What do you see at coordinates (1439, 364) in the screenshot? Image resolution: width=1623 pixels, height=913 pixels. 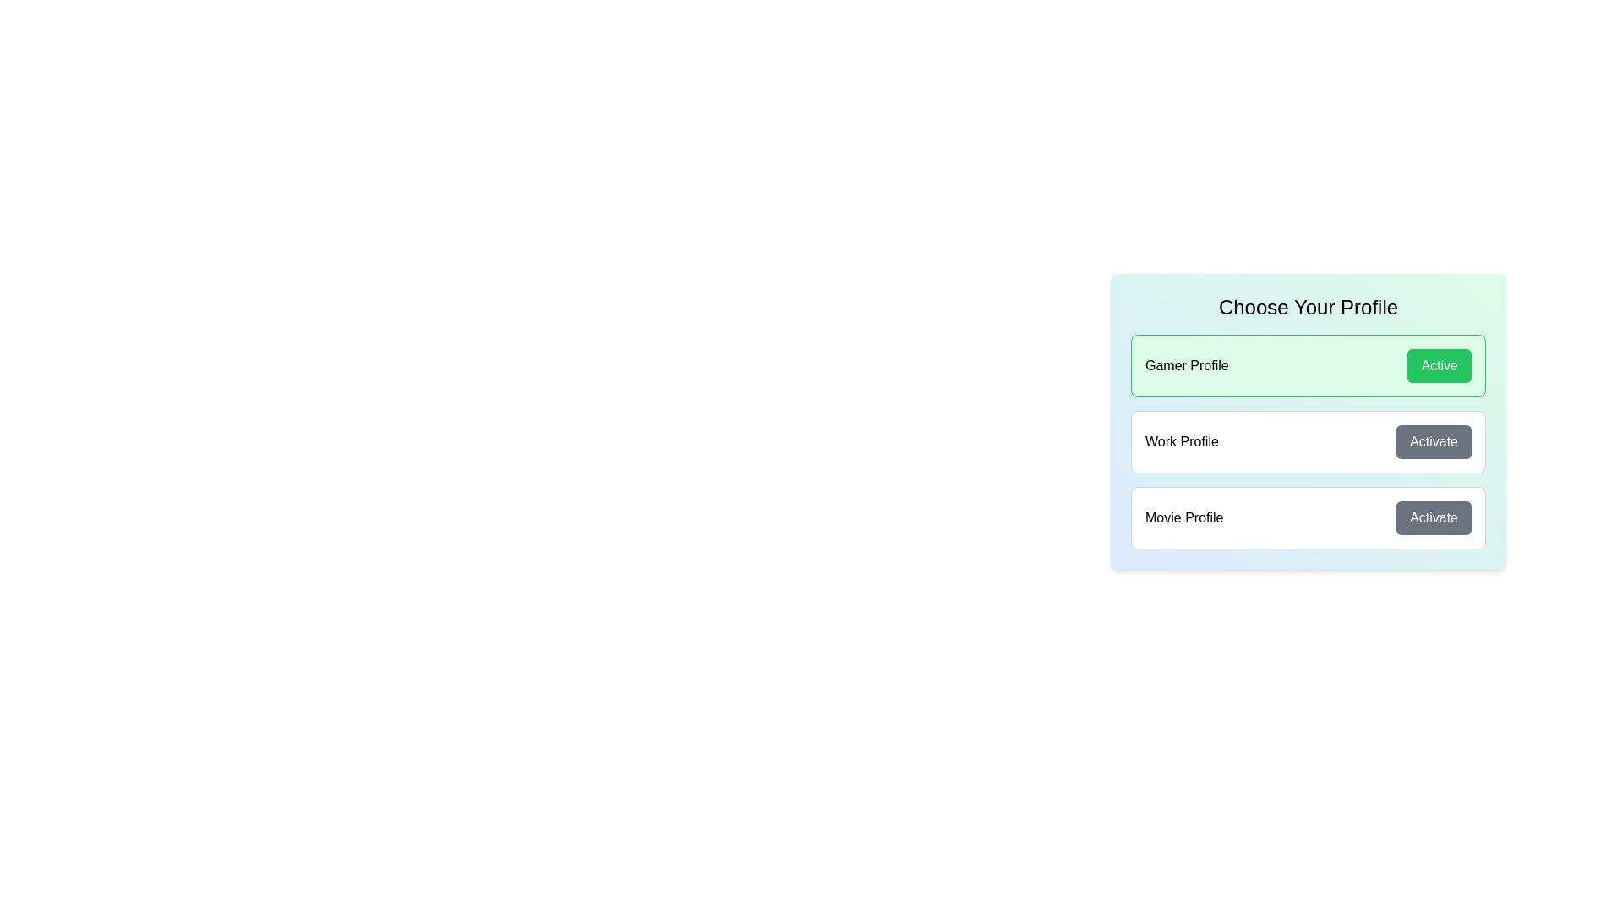 I see `'Active' button to toggle its state` at bounding box center [1439, 364].